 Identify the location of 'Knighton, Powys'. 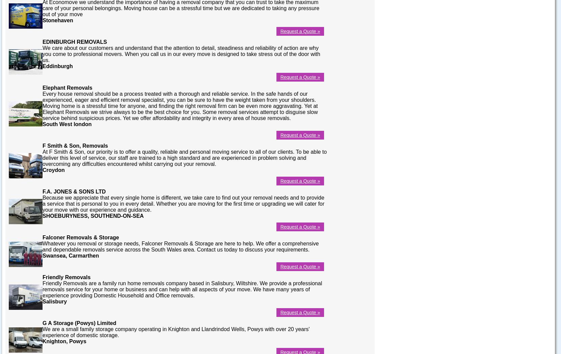
(64, 341).